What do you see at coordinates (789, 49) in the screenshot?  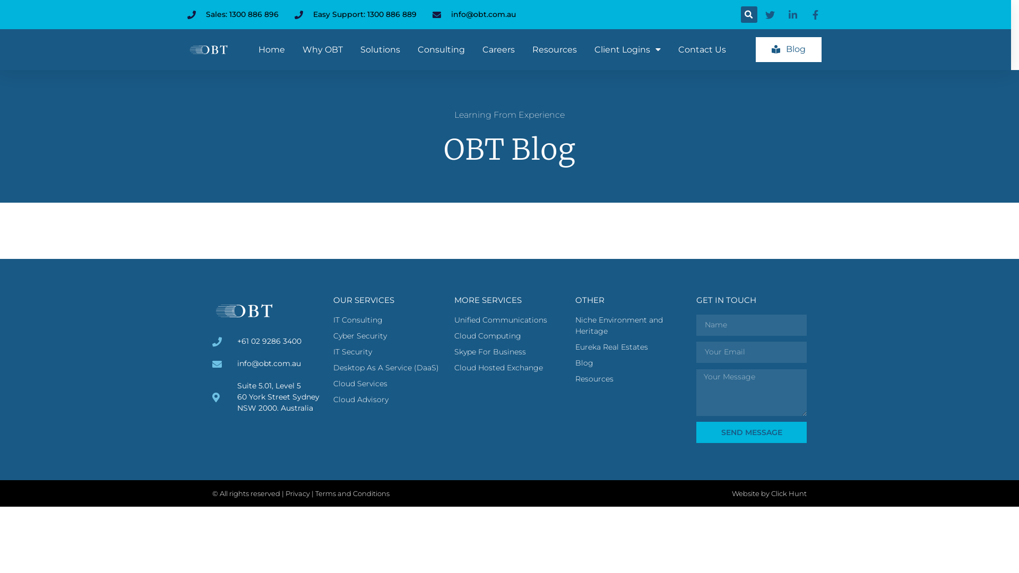 I see `'Blog'` at bounding box center [789, 49].